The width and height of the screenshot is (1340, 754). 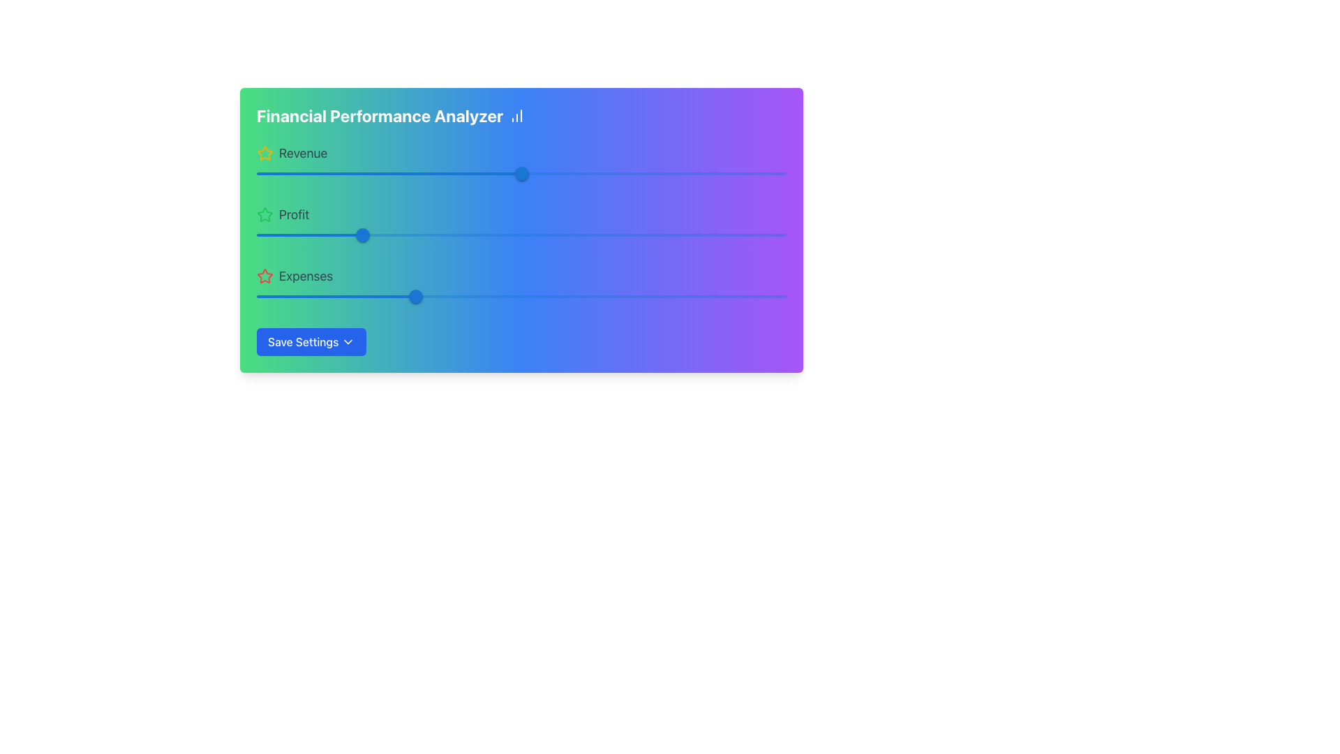 What do you see at coordinates (352, 173) in the screenshot?
I see `the Revenue slider` at bounding box center [352, 173].